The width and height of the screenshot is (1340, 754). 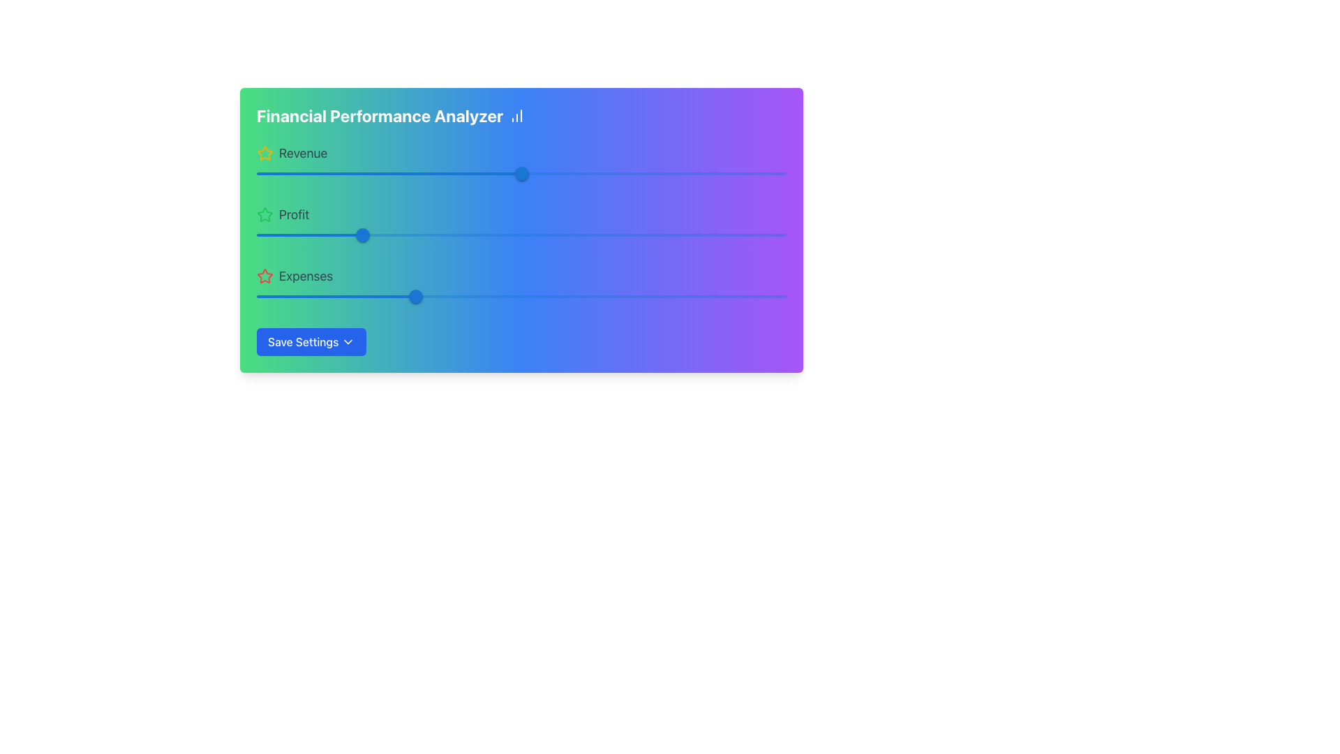 What do you see at coordinates (352, 173) in the screenshot?
I see `the Revenue slider` at bounding box center [352, 173].